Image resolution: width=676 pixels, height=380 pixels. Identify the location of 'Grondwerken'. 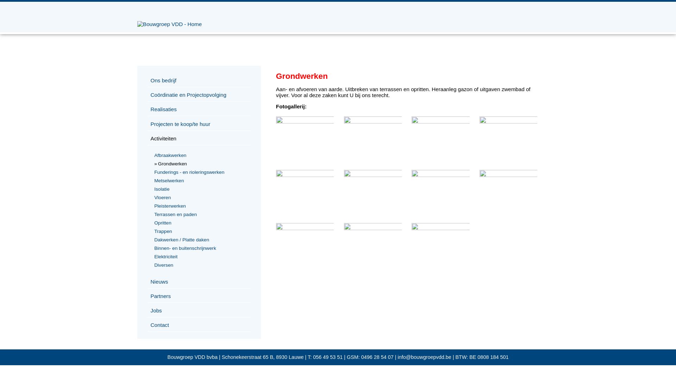
(373, 175).